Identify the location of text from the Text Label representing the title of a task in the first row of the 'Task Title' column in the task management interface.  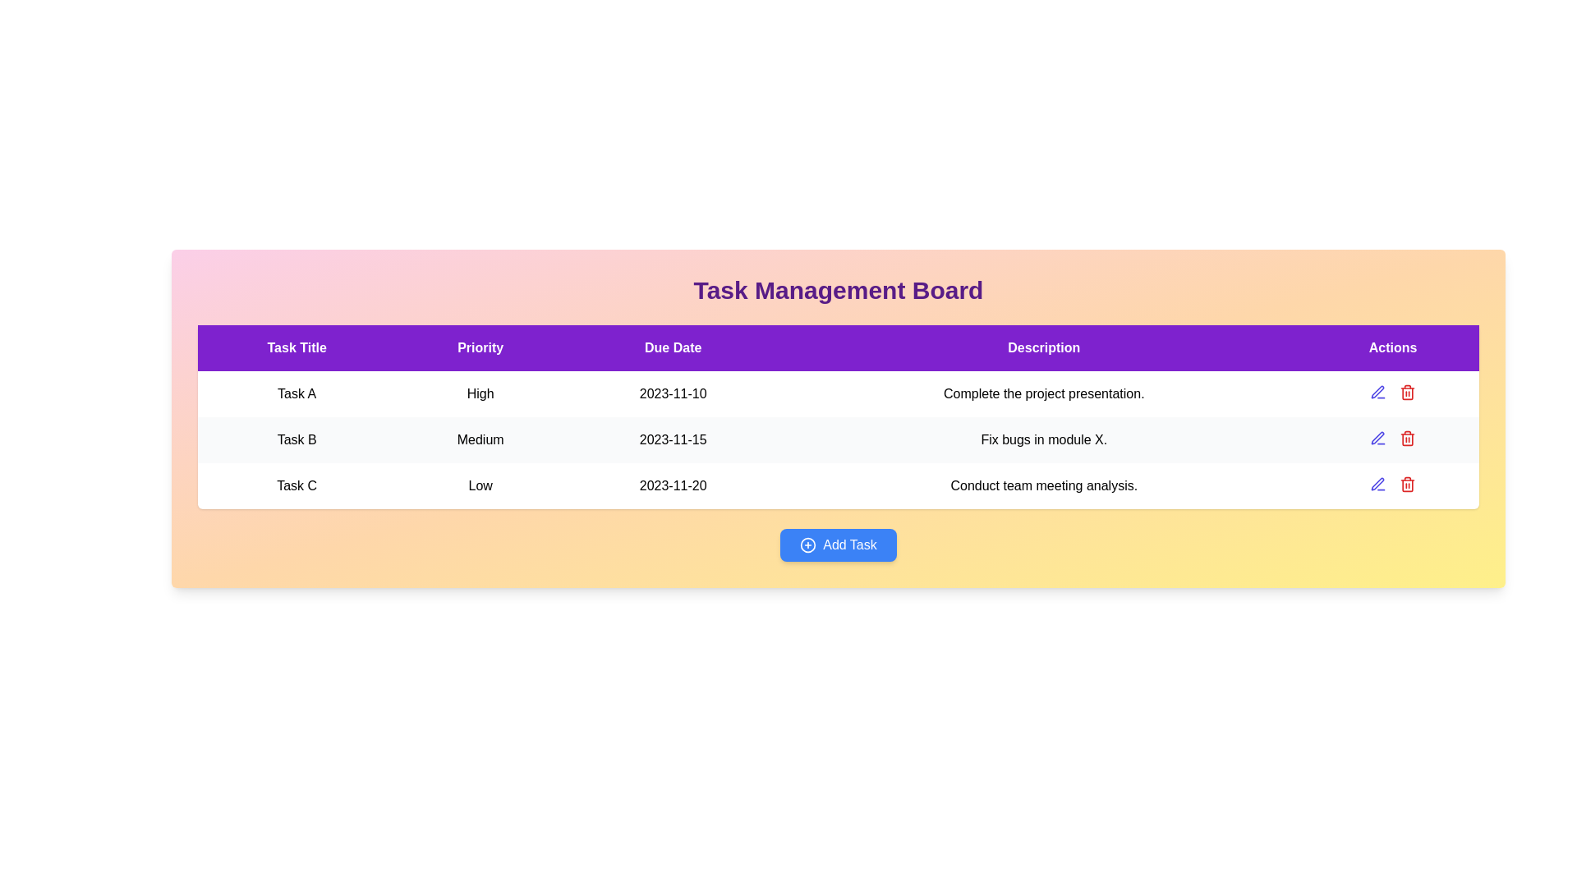
(297, 393).